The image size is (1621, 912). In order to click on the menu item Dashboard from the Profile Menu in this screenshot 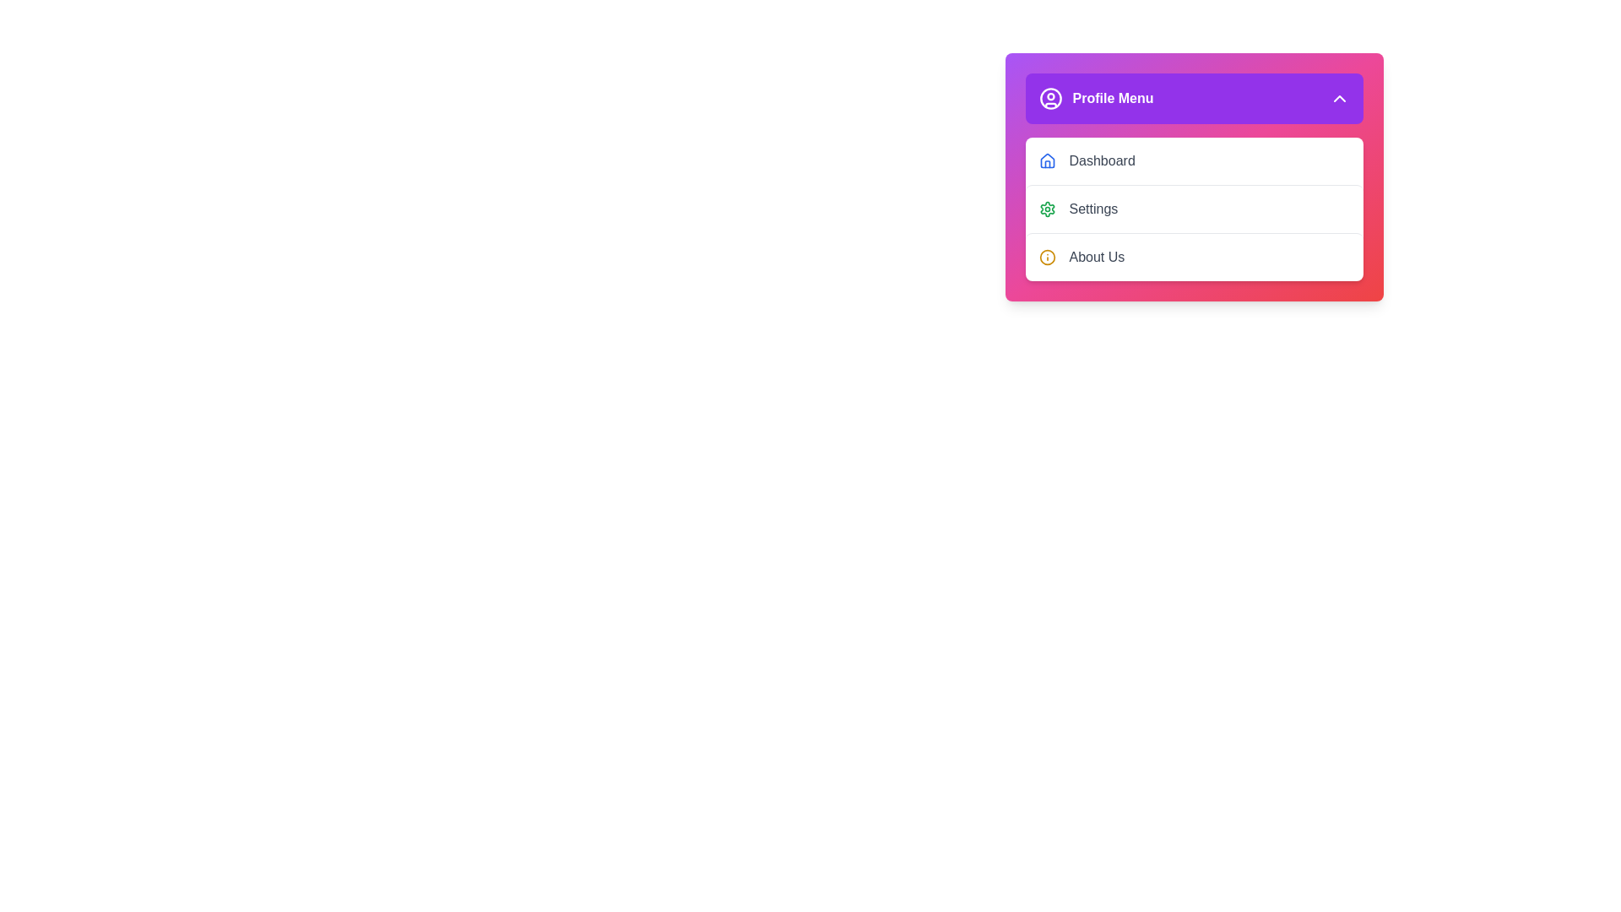, I will do `click(1193, 161)`.